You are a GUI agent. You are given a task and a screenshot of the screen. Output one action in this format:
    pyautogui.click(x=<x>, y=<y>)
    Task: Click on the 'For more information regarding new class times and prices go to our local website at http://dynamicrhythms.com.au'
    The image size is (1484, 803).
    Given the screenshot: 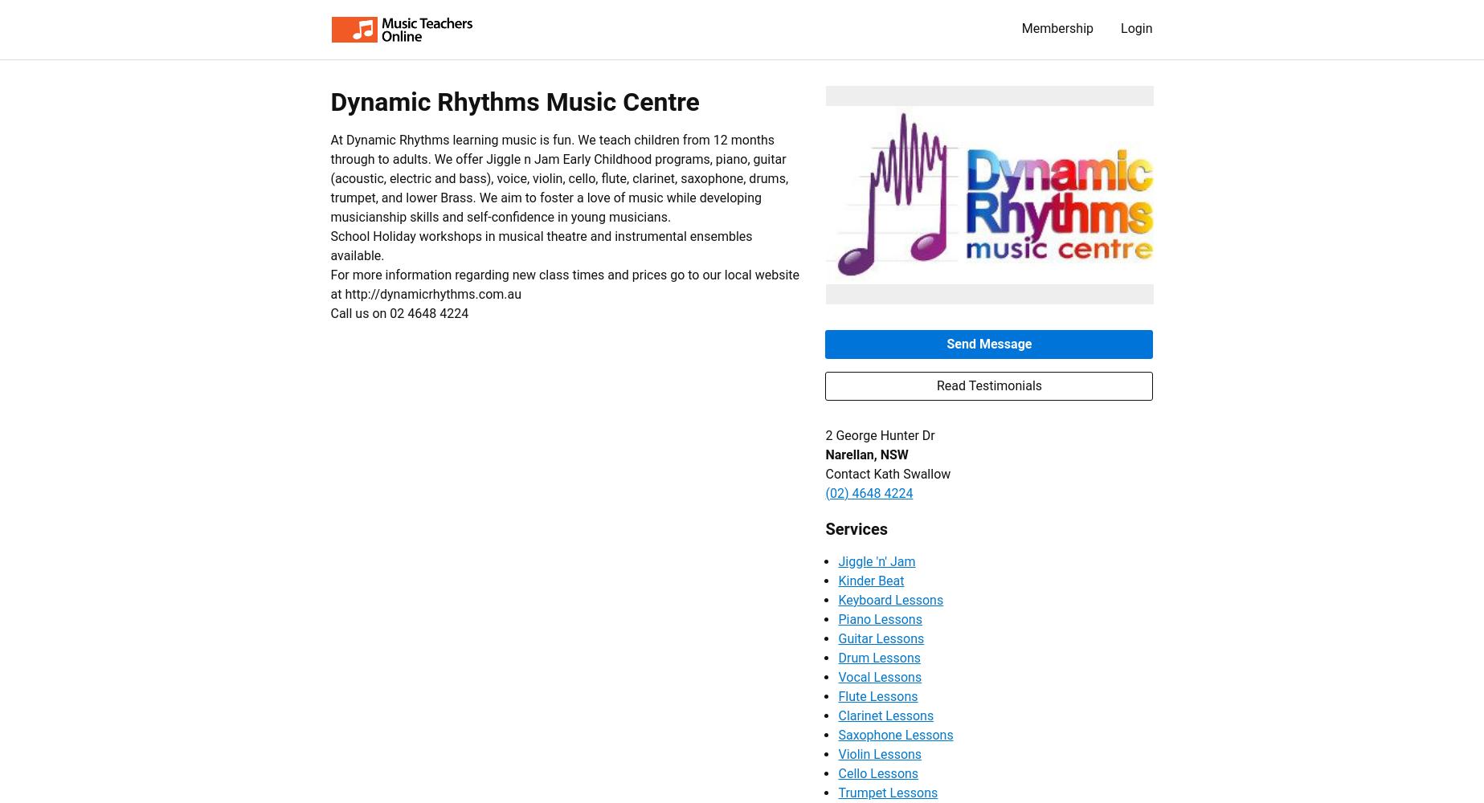 What is the action you would take?
    pyautogui.click(x=564, y=283)
    